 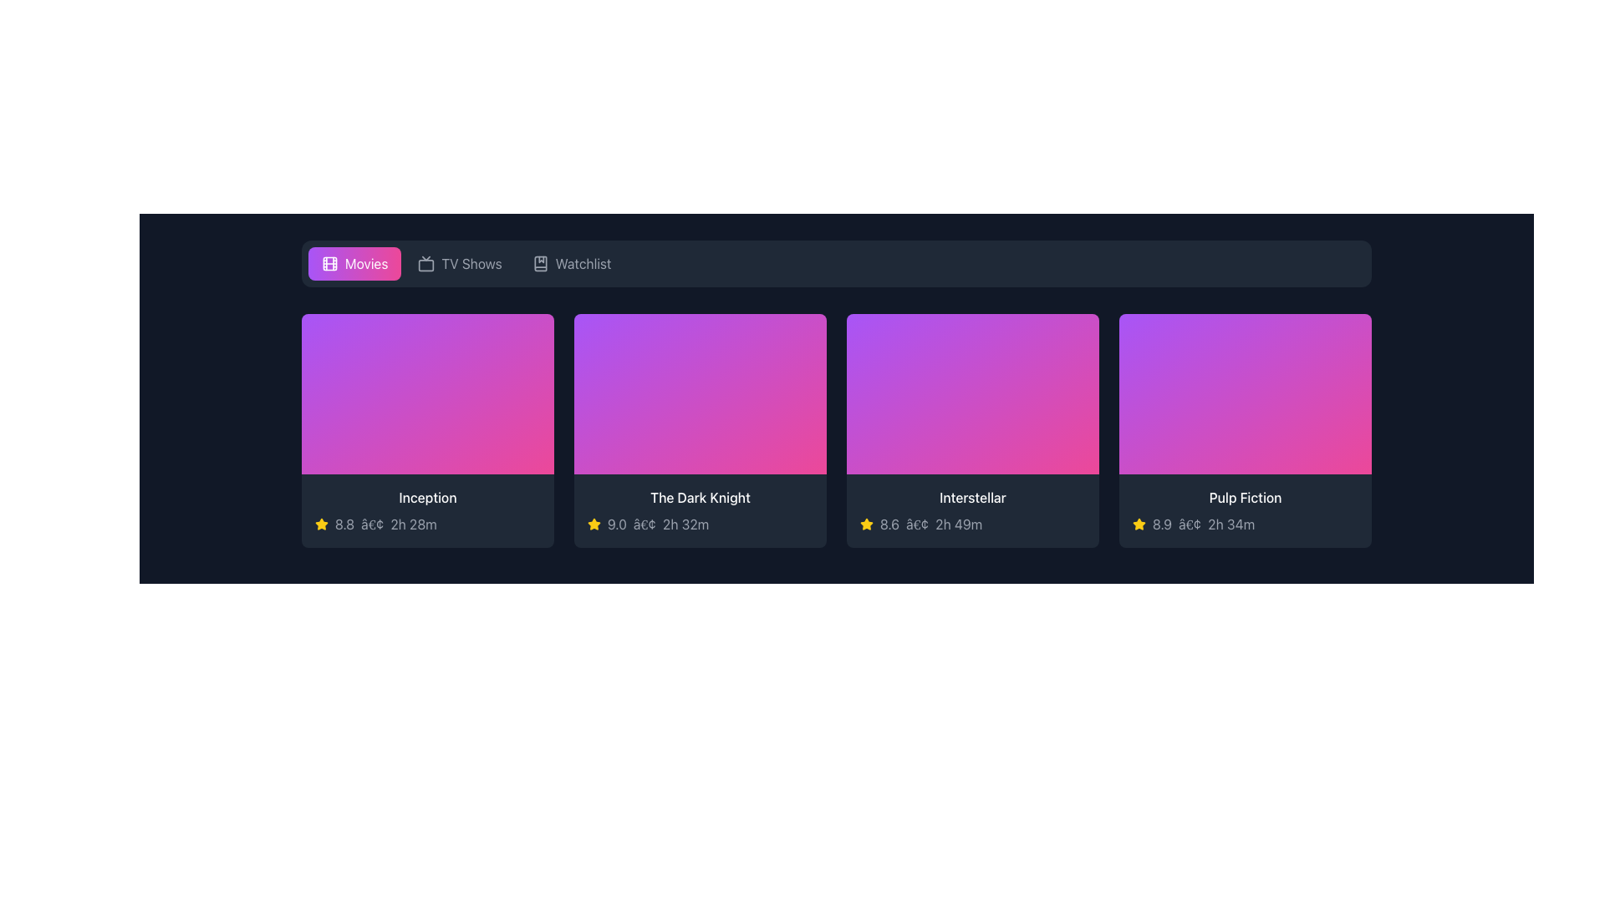 I want to click on the text displaying the number '8.9' in gray font, which is part of the metadata for the 'Pulp Fiction' title in the fourth card of a horizontal list, located to the right of a yellow star icon, so click(x=1161, y=524).